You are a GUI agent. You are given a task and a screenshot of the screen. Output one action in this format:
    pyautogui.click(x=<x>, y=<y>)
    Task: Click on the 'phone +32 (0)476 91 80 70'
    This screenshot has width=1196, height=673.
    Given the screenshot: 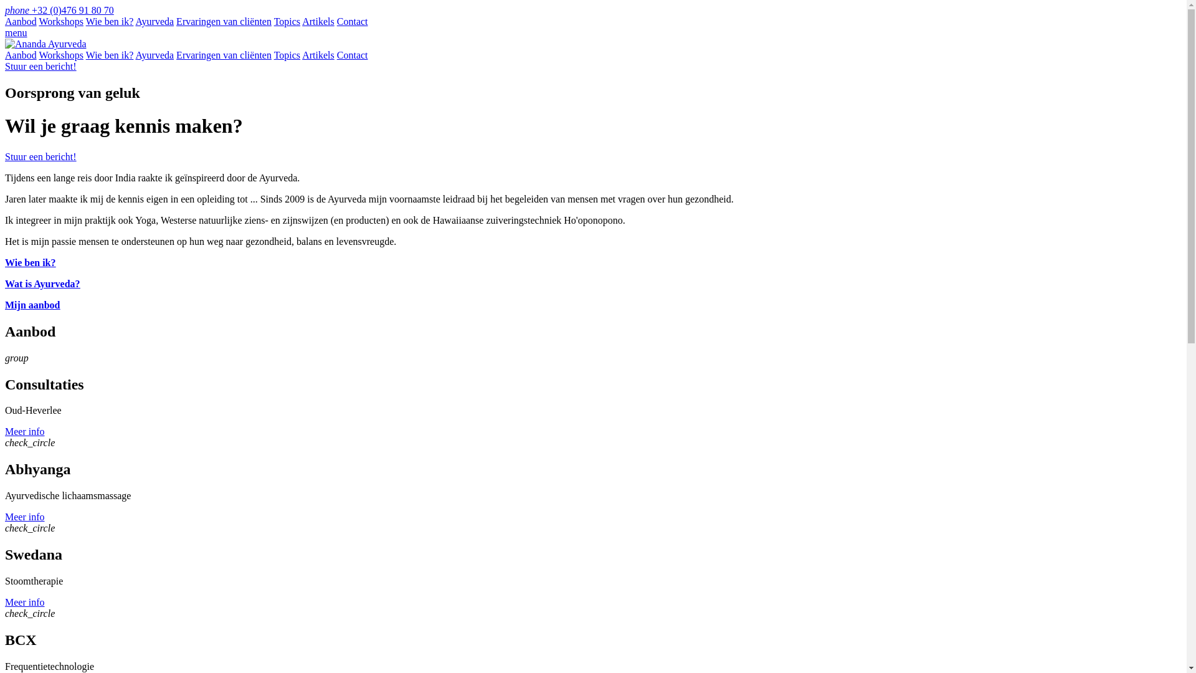 What is the action you would take?
    pyautogui.click(x=59, y=10)
    